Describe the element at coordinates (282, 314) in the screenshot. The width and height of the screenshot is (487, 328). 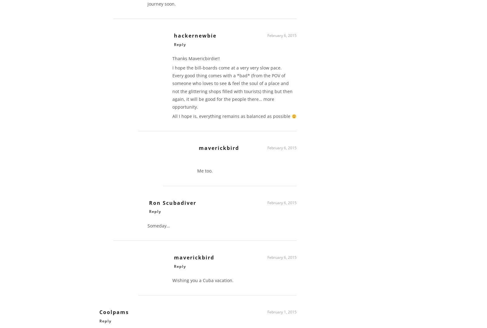
I see `'February 1, 2015'` at that location.